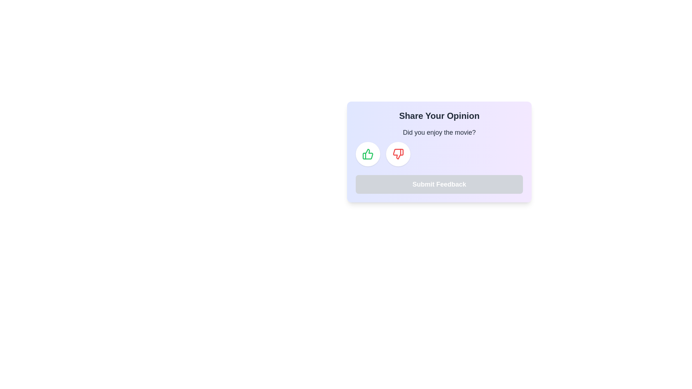 This screenshot has height=389, width=692. Describe the element at coordinates (439, 132) in the screenshot. I see `the Static Text Display element that asks 'Did you enjoy the movie?', which is prominently positioned at the top of the feedback interface` at that location.